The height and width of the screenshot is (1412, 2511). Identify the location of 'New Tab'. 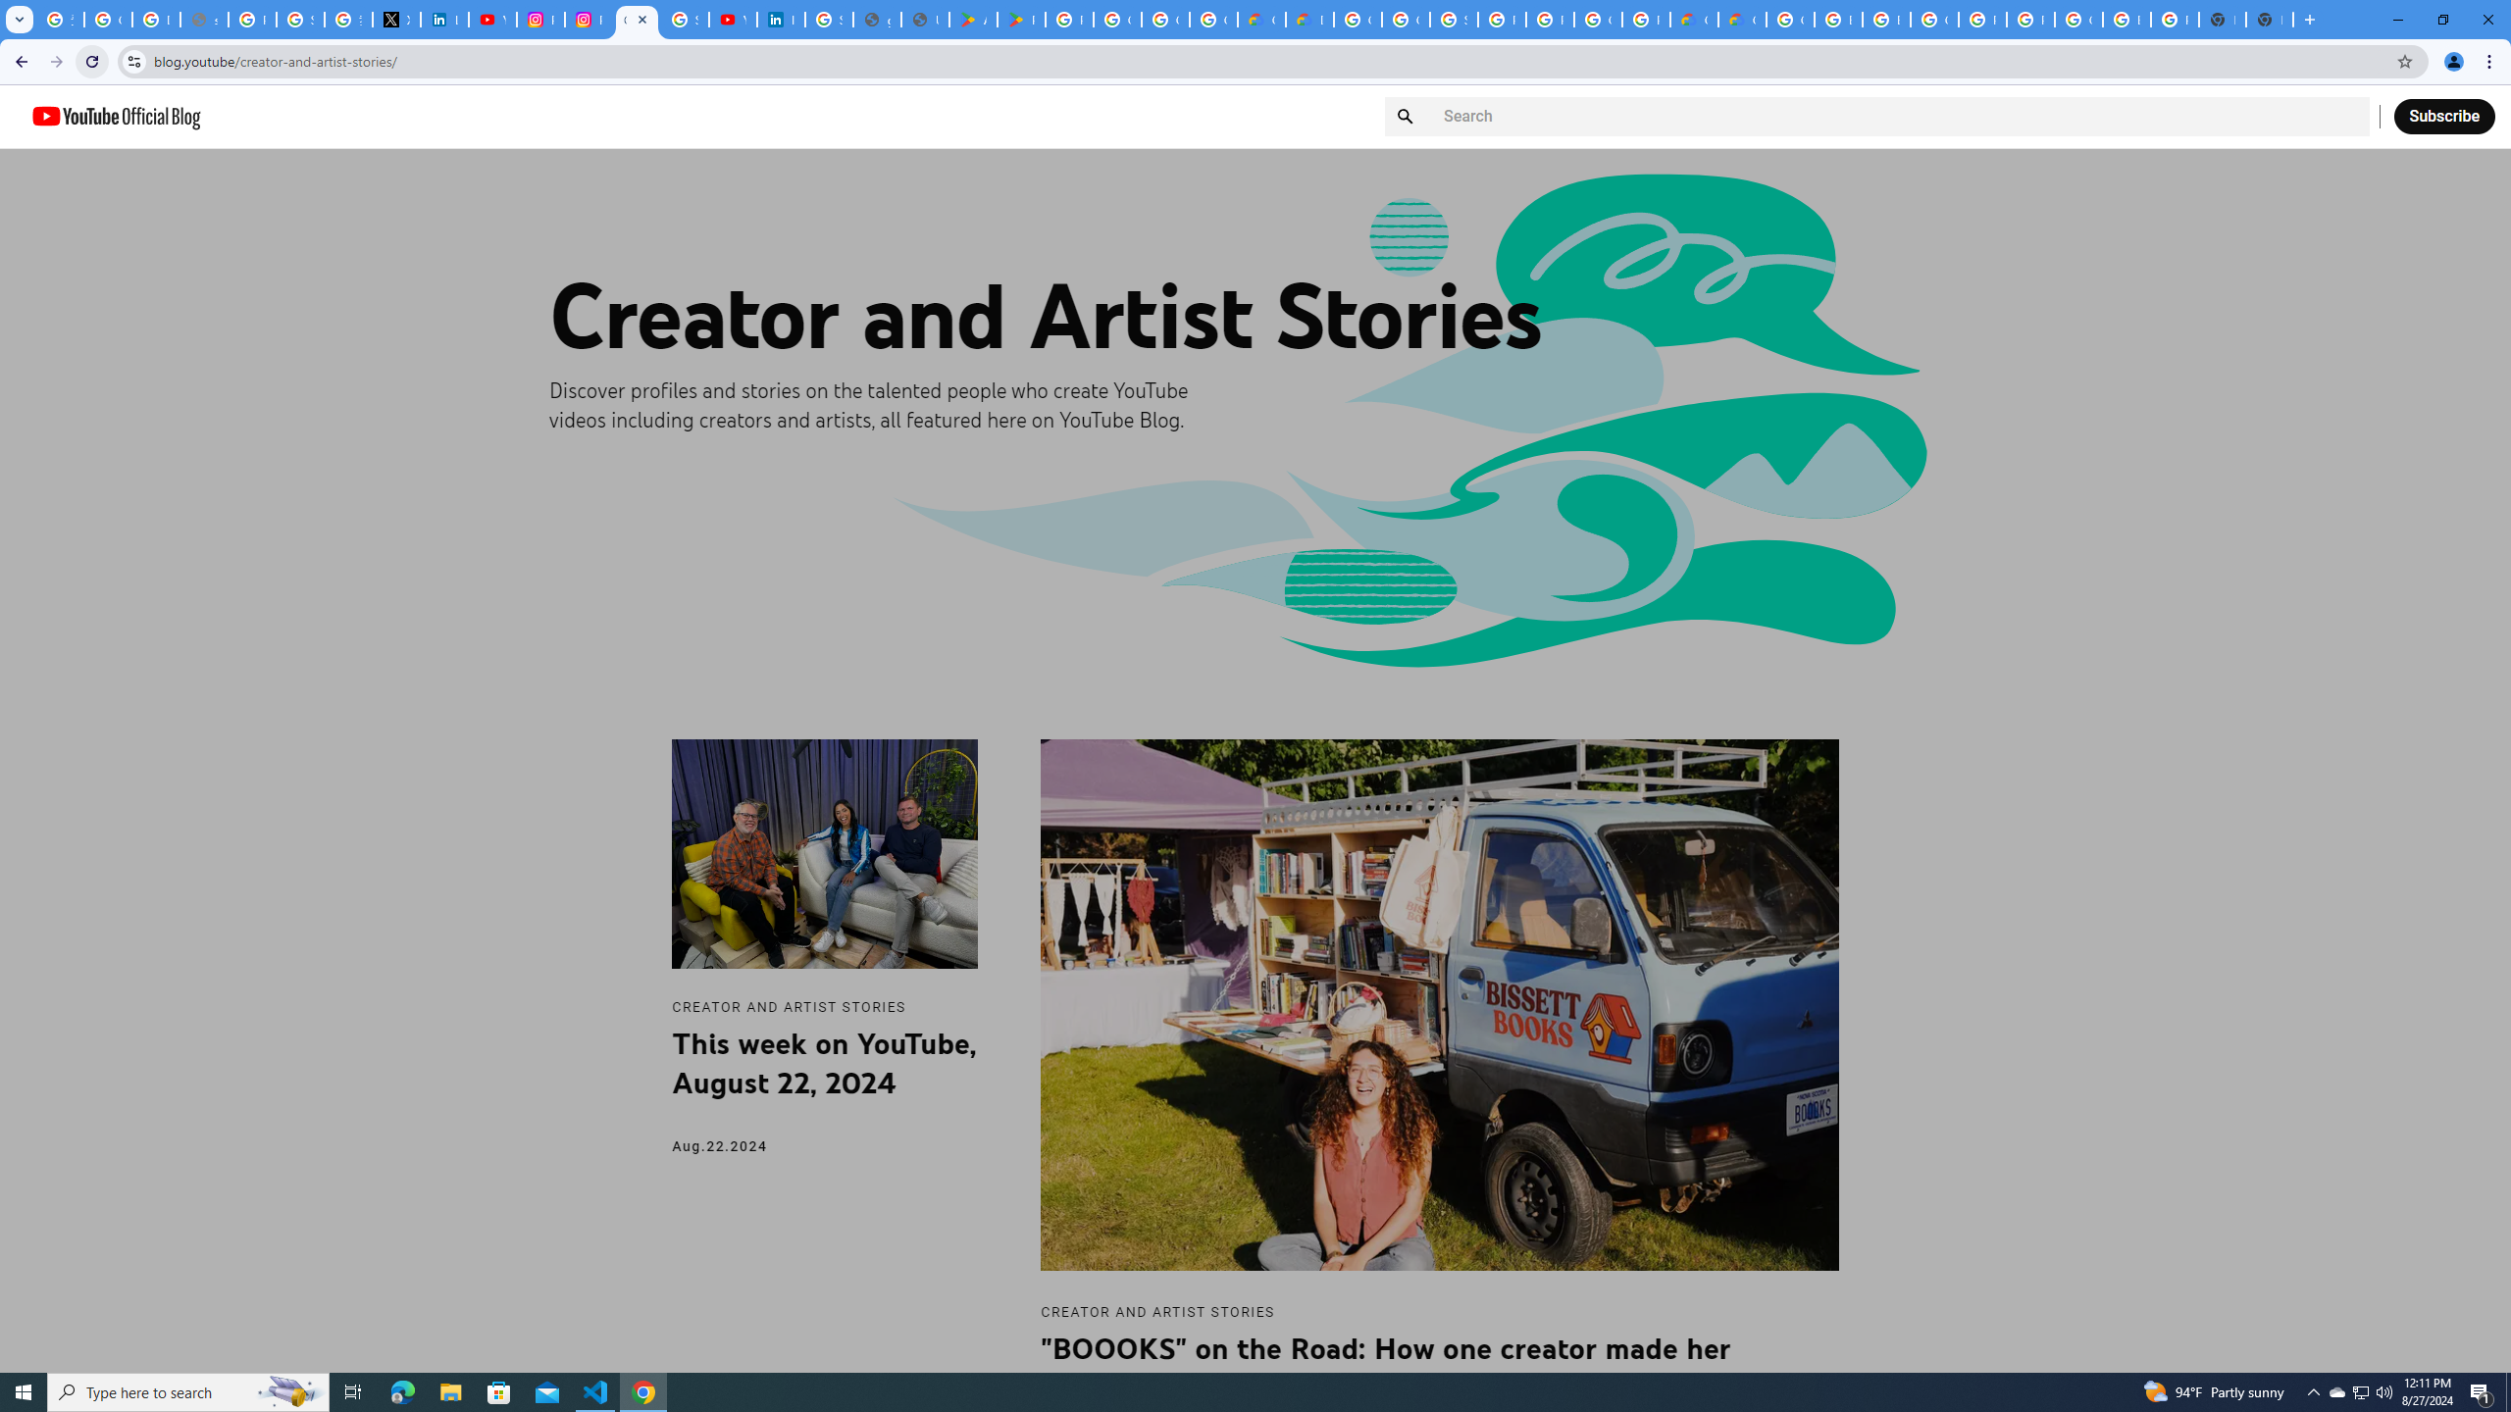
(2270, 19).